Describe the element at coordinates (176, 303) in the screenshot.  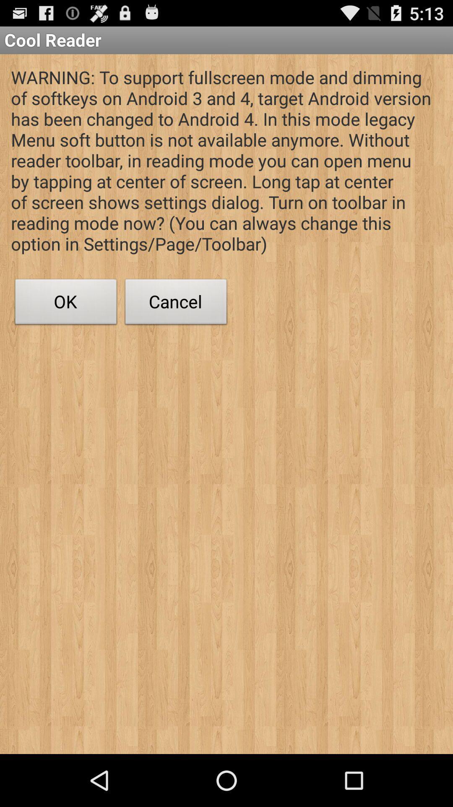
I see `icon below warning to support` at that location.